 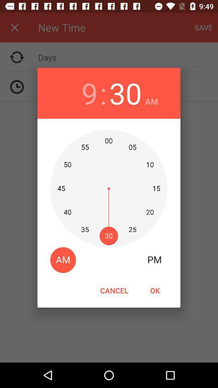 I want to click on the icon next to the ok item, so click(x=114, y=290).